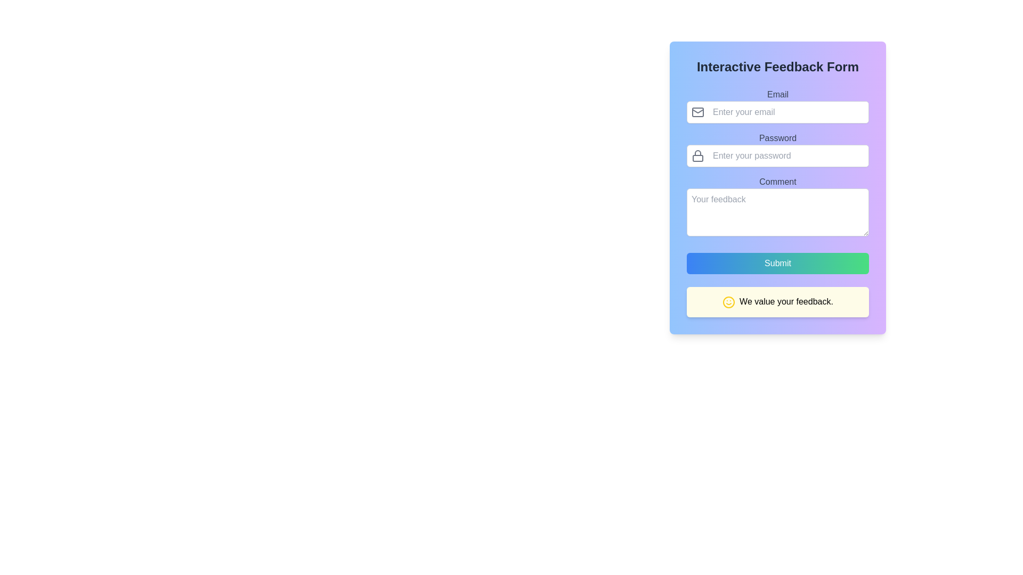 This screenshot has width=1023, height=575. I want to click on the gray outlined envelope mail icon located to the left of the 'Enter your email' placeholder text in the email input field, so click(698, 112).